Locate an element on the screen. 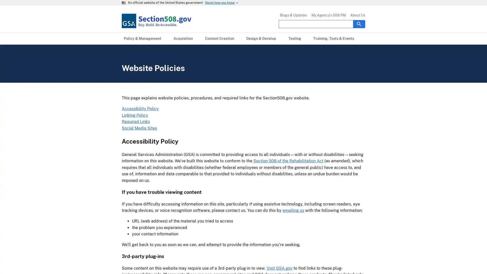 The height and width of the screenshot is (274, 487). Search is located at coordinates (359, 24).